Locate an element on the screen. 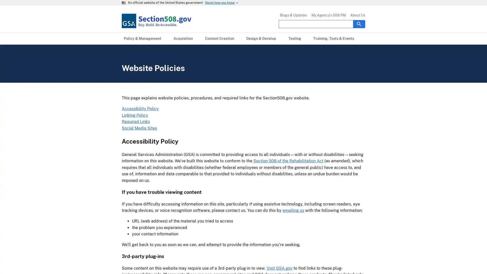 The height and width of the screenshot is (274, 487). Search is located at coordinates (359, 24).